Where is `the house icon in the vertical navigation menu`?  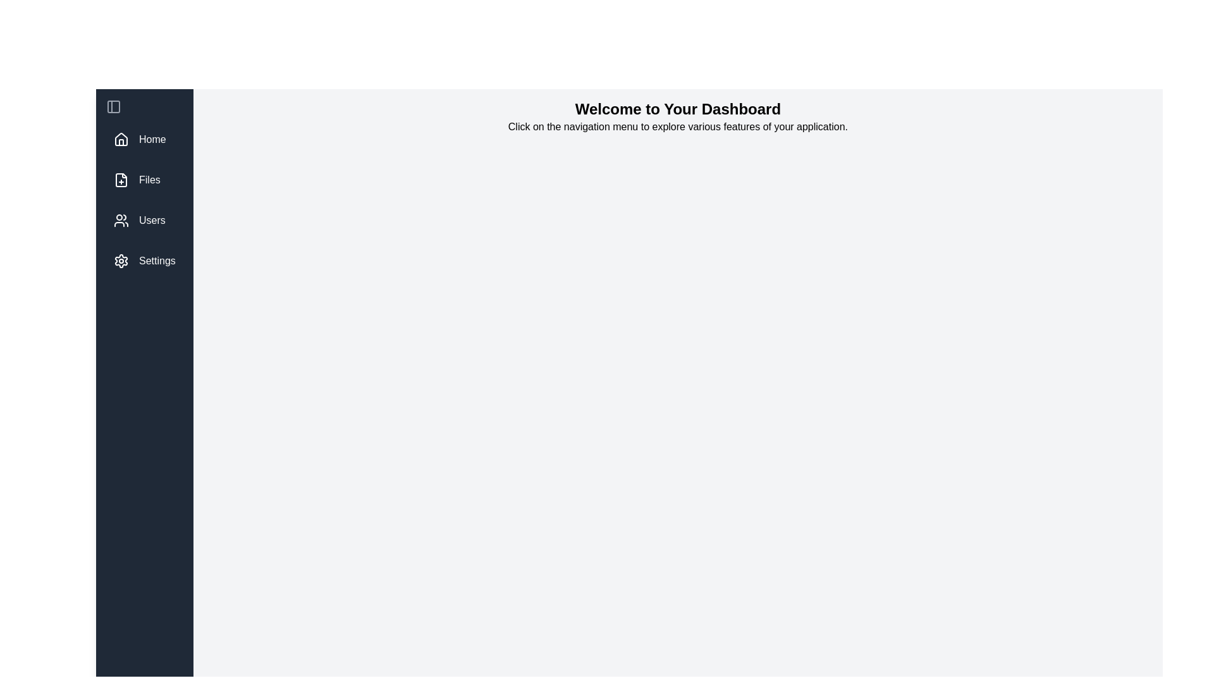
the house icon in the vertical navigation menu is located at coordinates (121, 139).